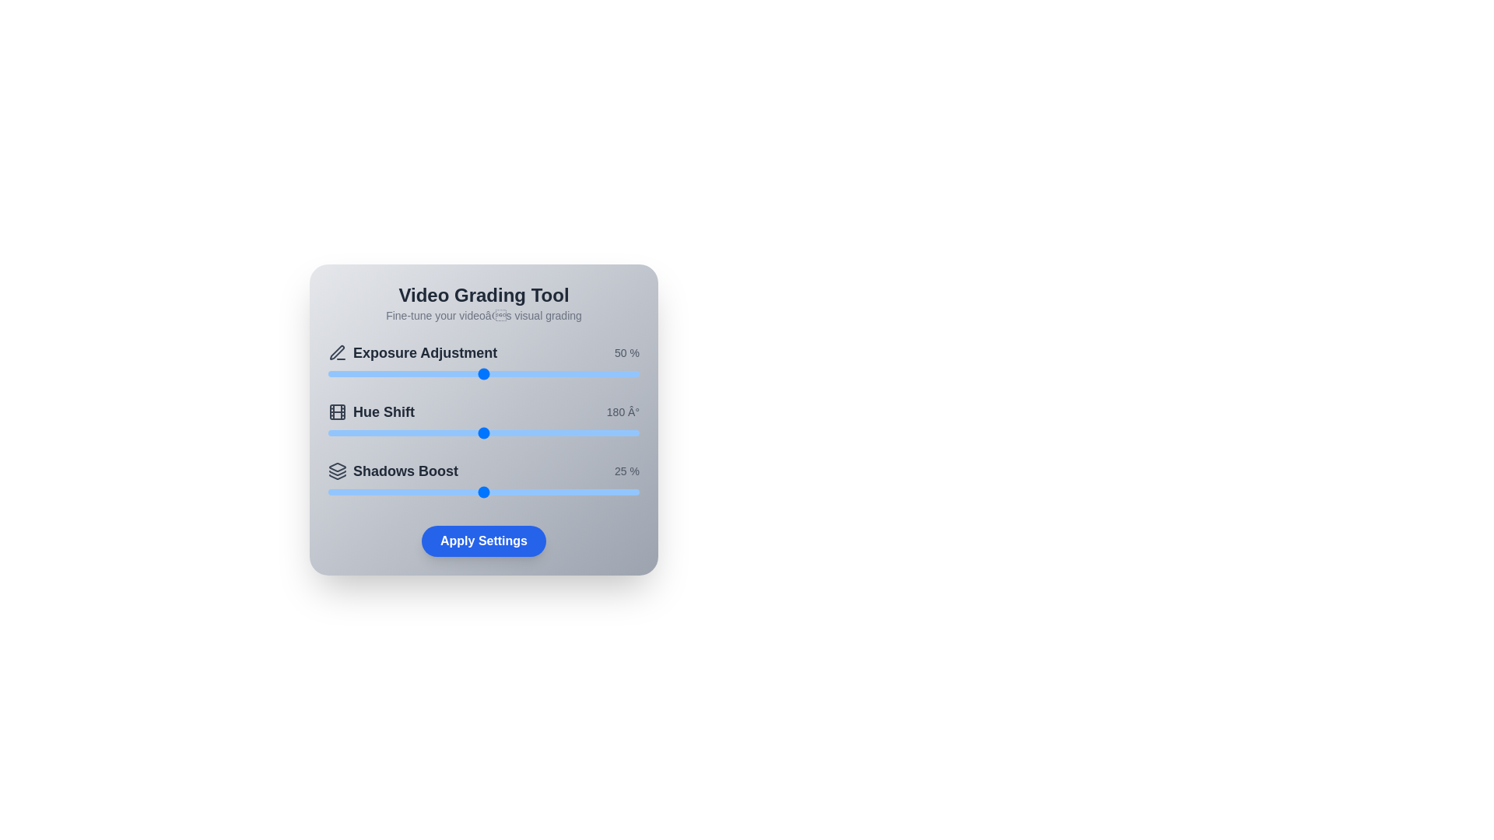 Image resolution: width=1494 pixels, height=840 pixels. What do you see at coordinates (542, 374) in the screenshot?
I see `the exposure adjustment` at bounding box center [542, 374].